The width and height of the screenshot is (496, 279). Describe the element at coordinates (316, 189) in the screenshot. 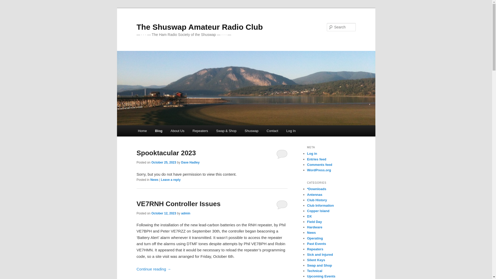

I see `'*Downloads'` at that location.